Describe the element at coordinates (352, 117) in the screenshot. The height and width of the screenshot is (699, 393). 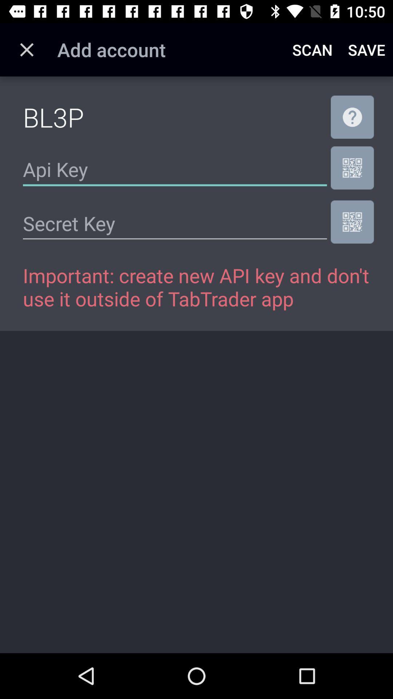
I see `the icon below the scan icon` at that location.